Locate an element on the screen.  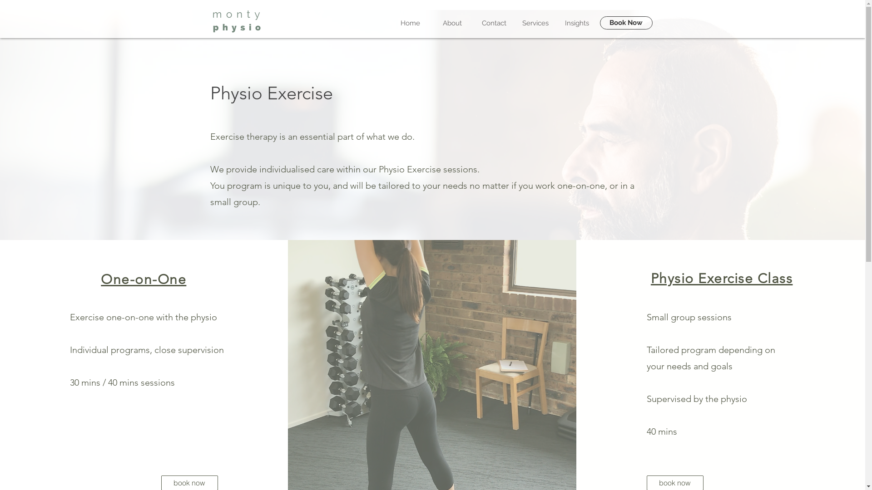
'Insights' is located at coordinates (576, 22).